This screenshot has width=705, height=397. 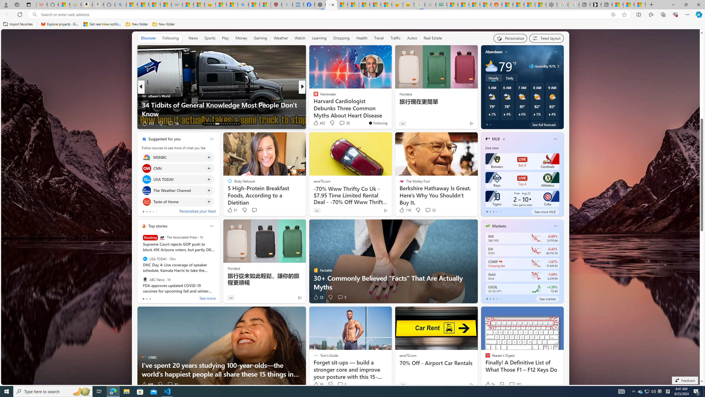 What do you see at coordinates (18, 24) in the screenshot?
I see `'Import favorites'` at bounding box center [18, 24].